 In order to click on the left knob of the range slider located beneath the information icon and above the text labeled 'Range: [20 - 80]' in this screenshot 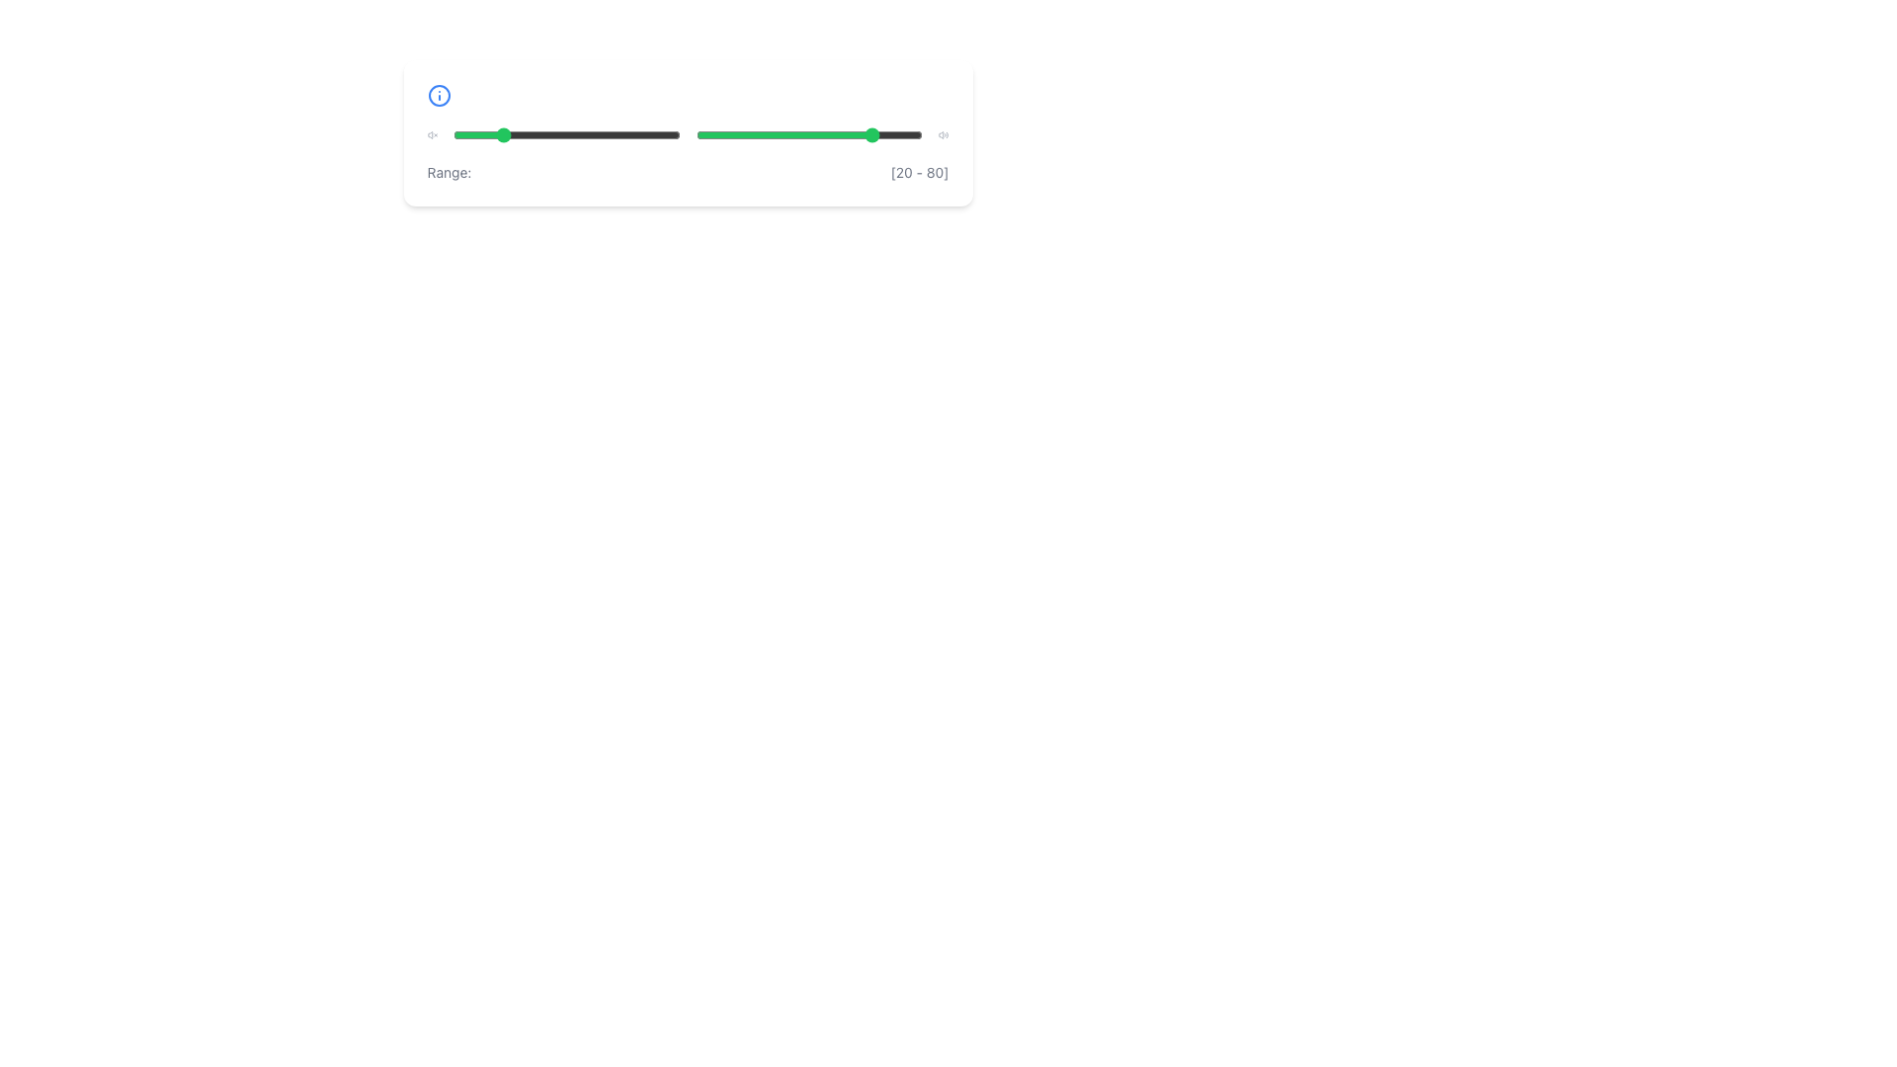, I will do `click(638, 134)`.